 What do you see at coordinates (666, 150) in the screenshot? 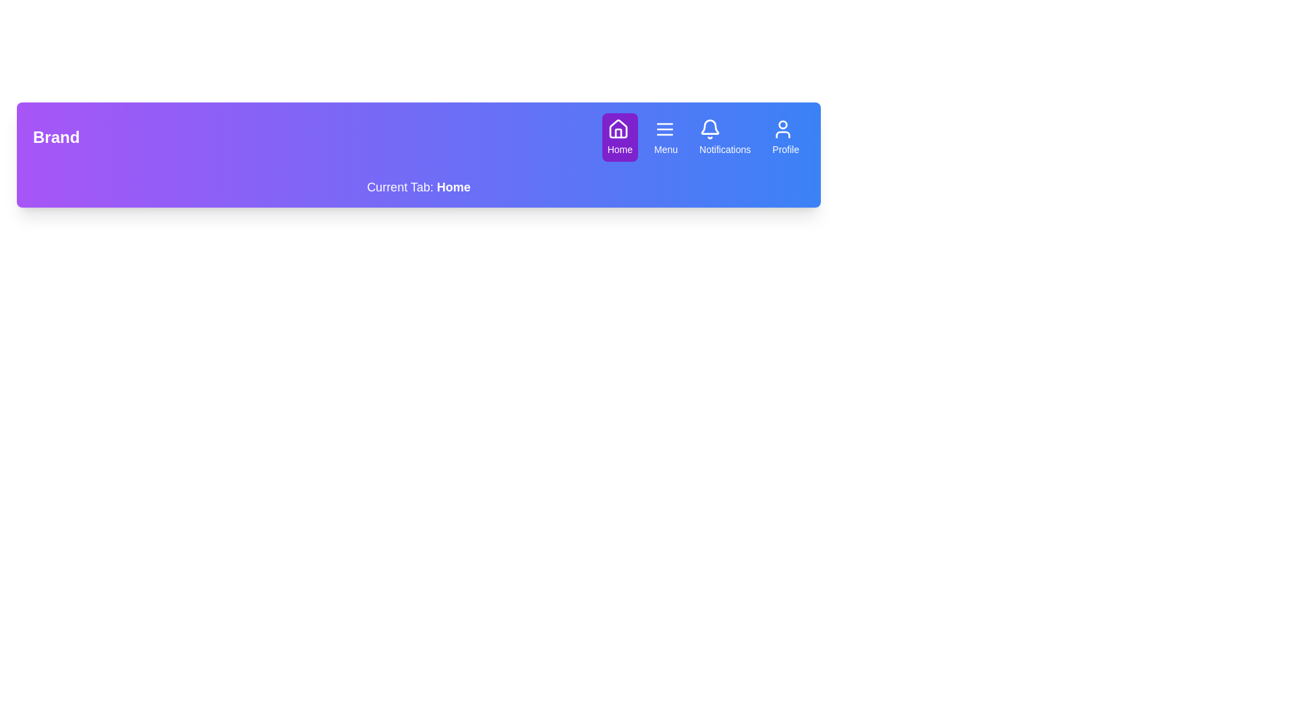
I see `the text label element displaying 'Menu', which is located on the top navigation bar near the center-right section, indicating the functionality of the associated icon above it` at bounding box center [666, 150].